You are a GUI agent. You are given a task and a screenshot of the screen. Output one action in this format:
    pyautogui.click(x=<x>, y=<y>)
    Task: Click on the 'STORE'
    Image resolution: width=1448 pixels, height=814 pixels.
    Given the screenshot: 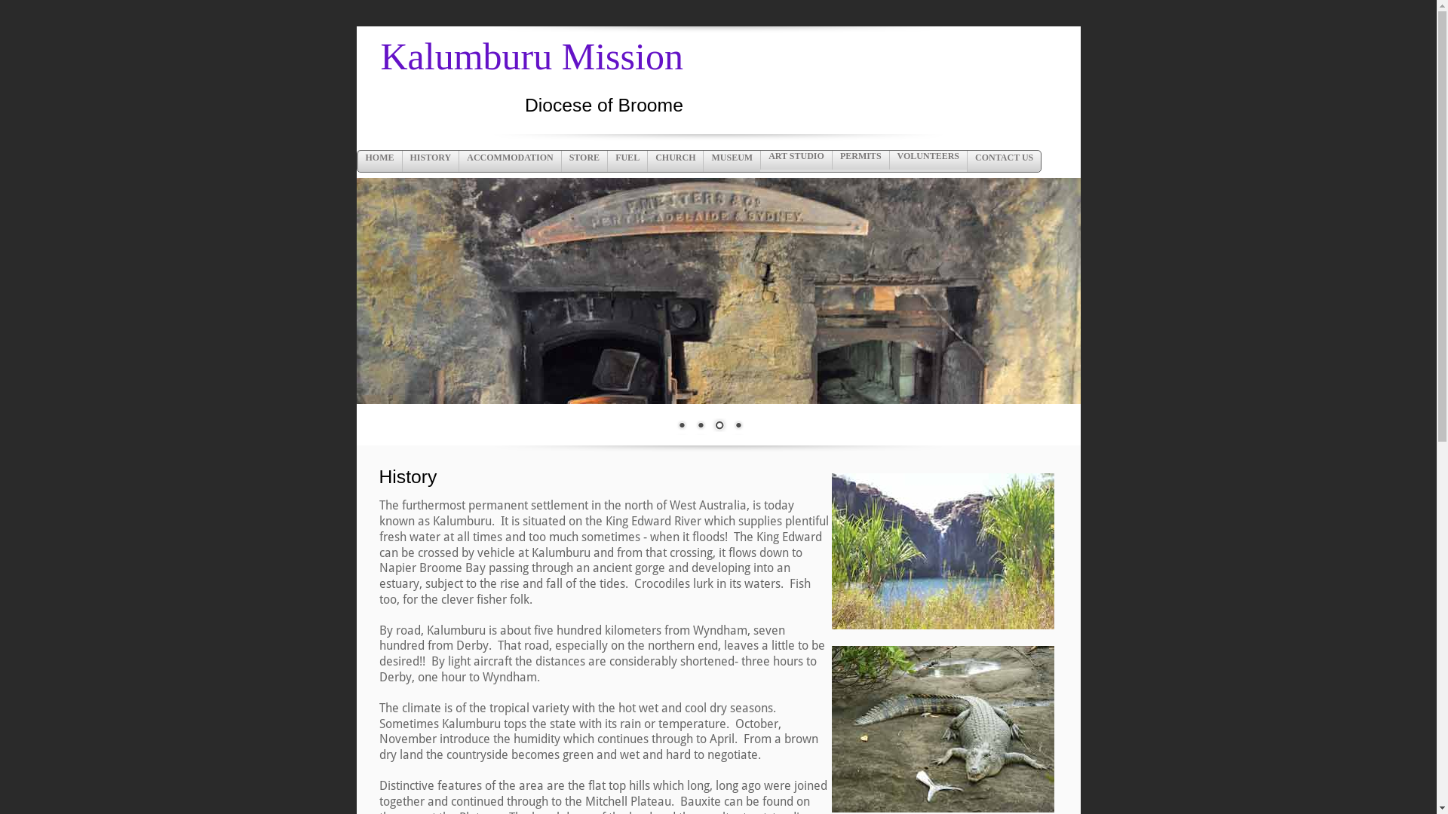 What is the action you would take?
    pyautogui.click(x=583, y=161)
    